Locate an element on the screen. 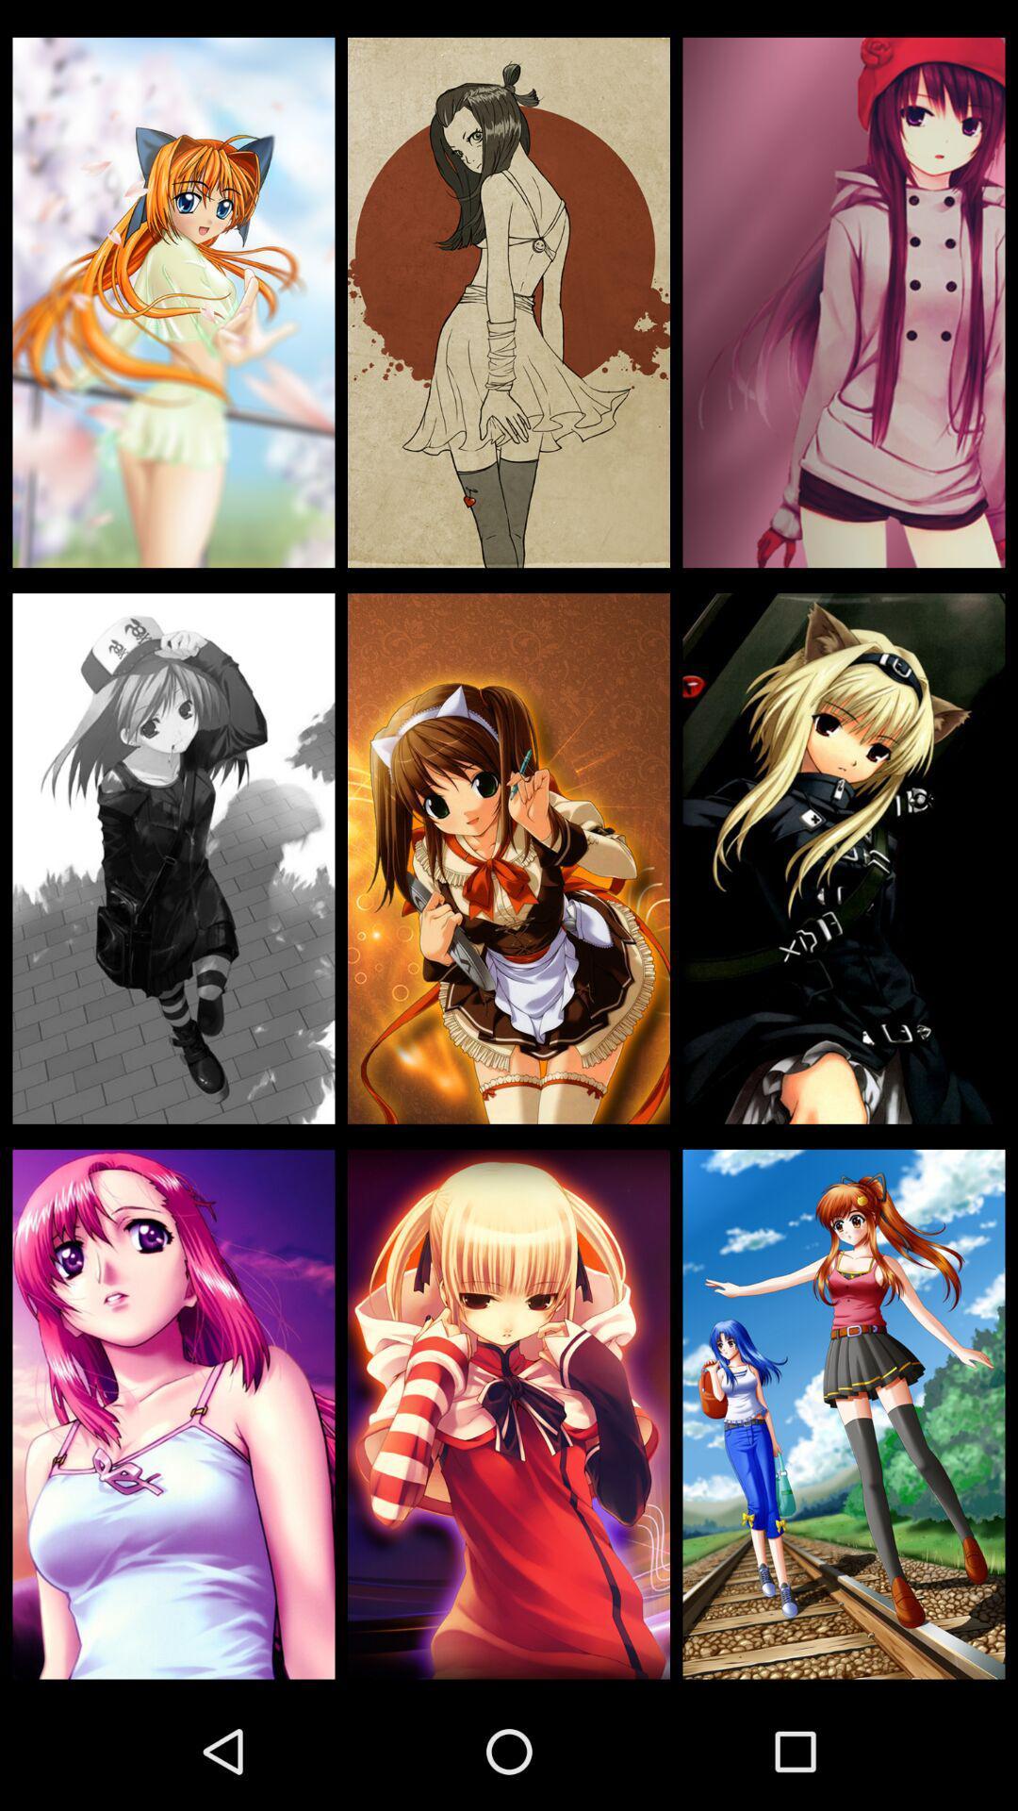 The width and height of the screenshot is (1018, 1811). the item at the top left corner is located at coordinates (173, 303).